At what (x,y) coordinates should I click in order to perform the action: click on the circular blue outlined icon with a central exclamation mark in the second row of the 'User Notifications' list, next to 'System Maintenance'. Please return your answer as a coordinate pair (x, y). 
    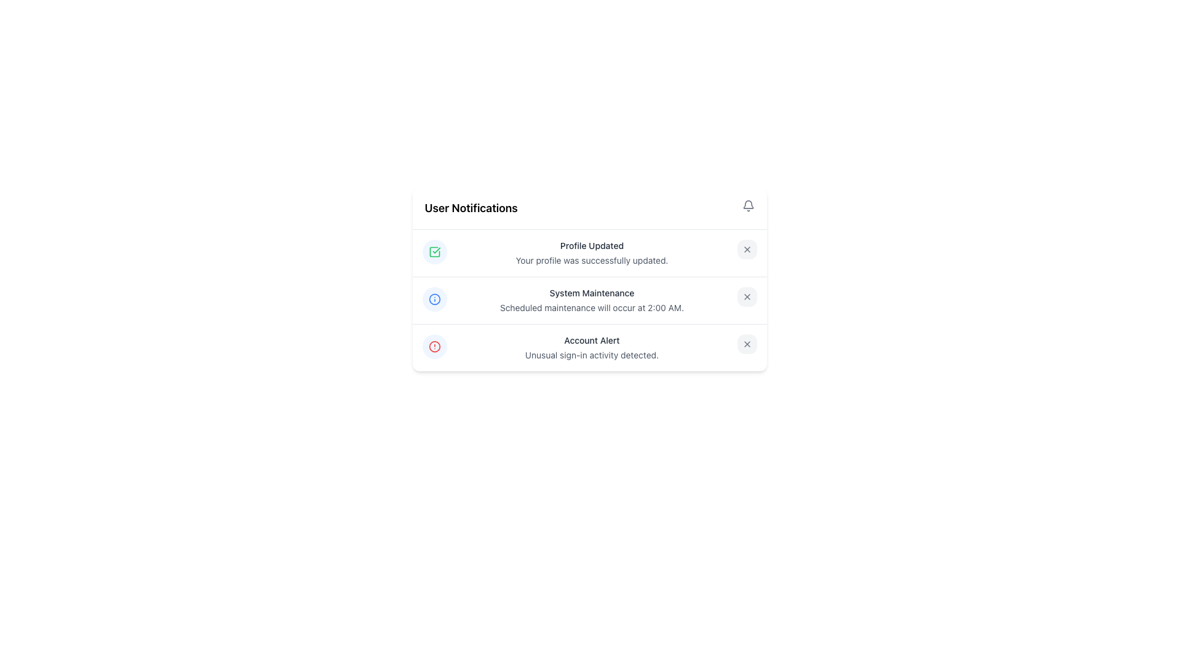
    Looking at the image, I should click on (434, 299).